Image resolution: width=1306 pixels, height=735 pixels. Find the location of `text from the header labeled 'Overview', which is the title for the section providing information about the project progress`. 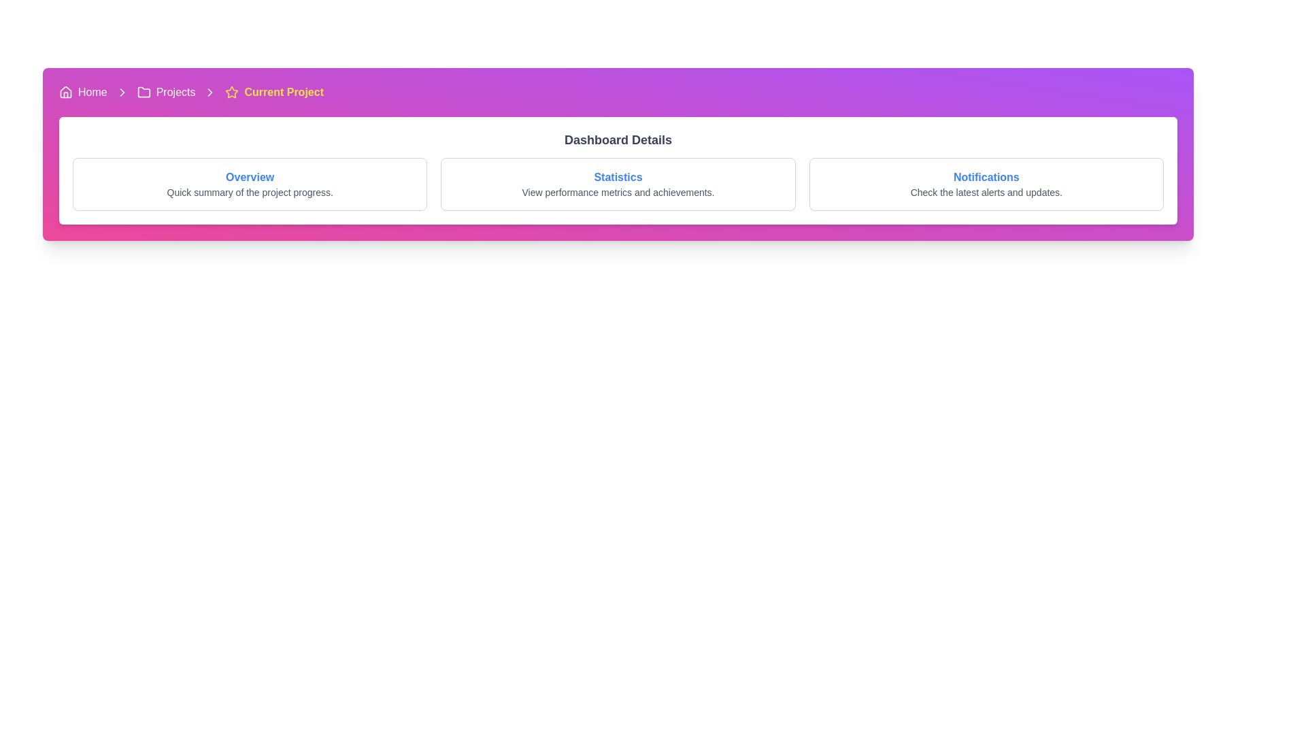

text from the header labeled 'Overview', which is the title for the section providing information about the project progress is located at coordinates (250, 177).